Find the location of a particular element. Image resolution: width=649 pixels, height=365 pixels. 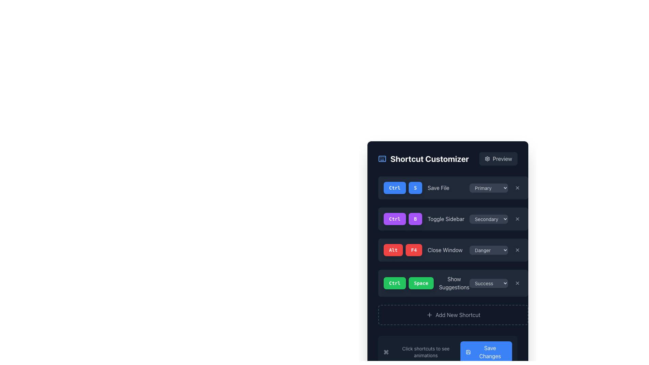

the rounded purple button with the letter 'B' in bold white text is located at coordinates (415, 219).